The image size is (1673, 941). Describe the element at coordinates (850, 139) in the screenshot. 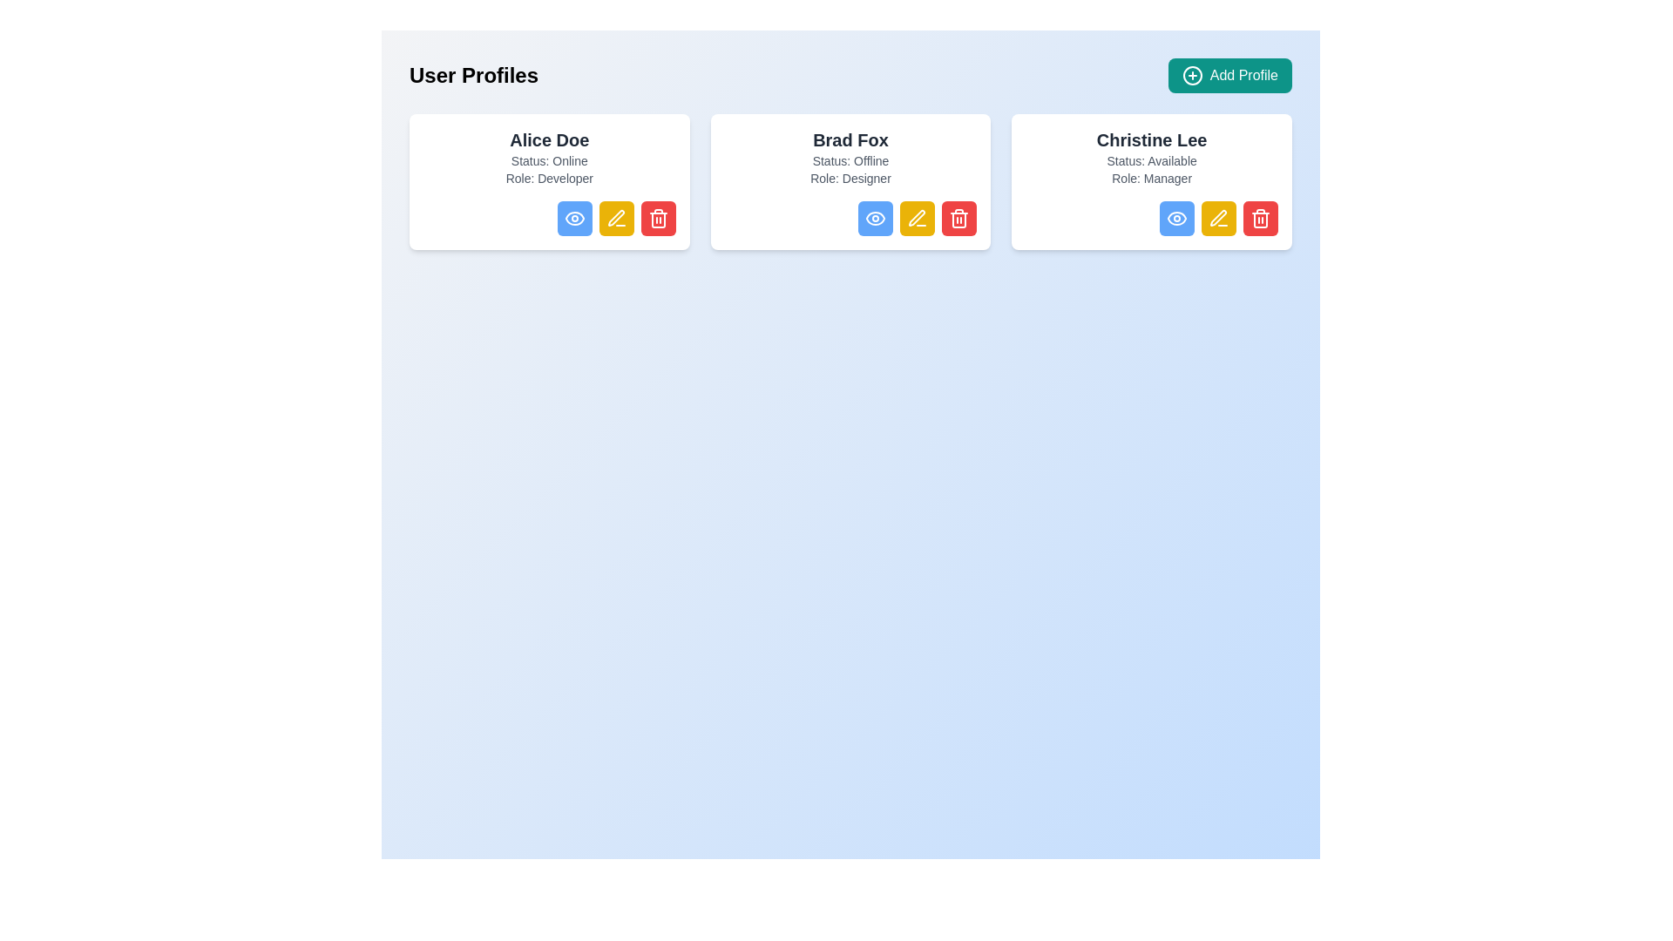

I see `the text label that represents the user's name in the central profile card, which serves as the primary identifier for the profile` at that location.